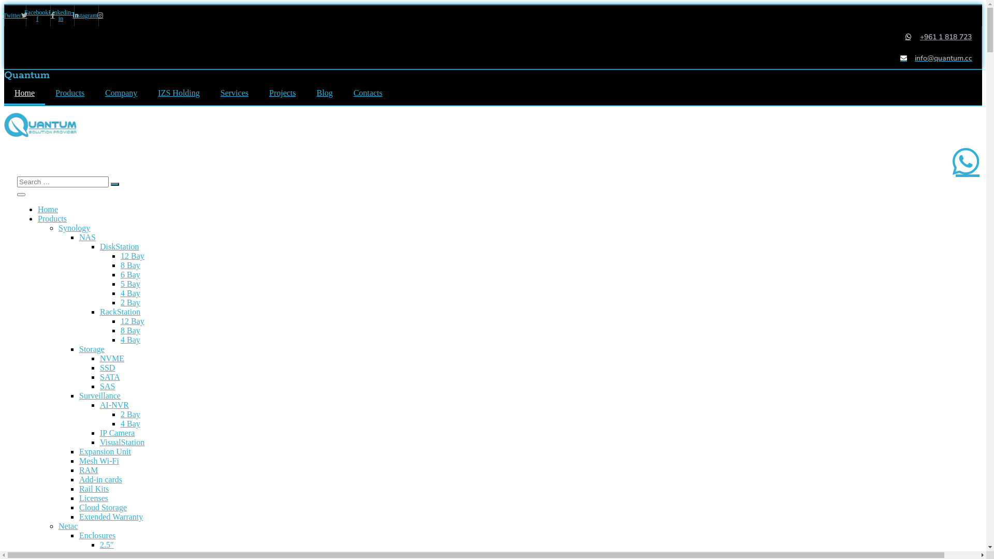 This screenshot has width=994, height=559. What do you see at coordinates (107, 386) in the screenshot?
I see `'SAS'` at bounding box center [107, 386].